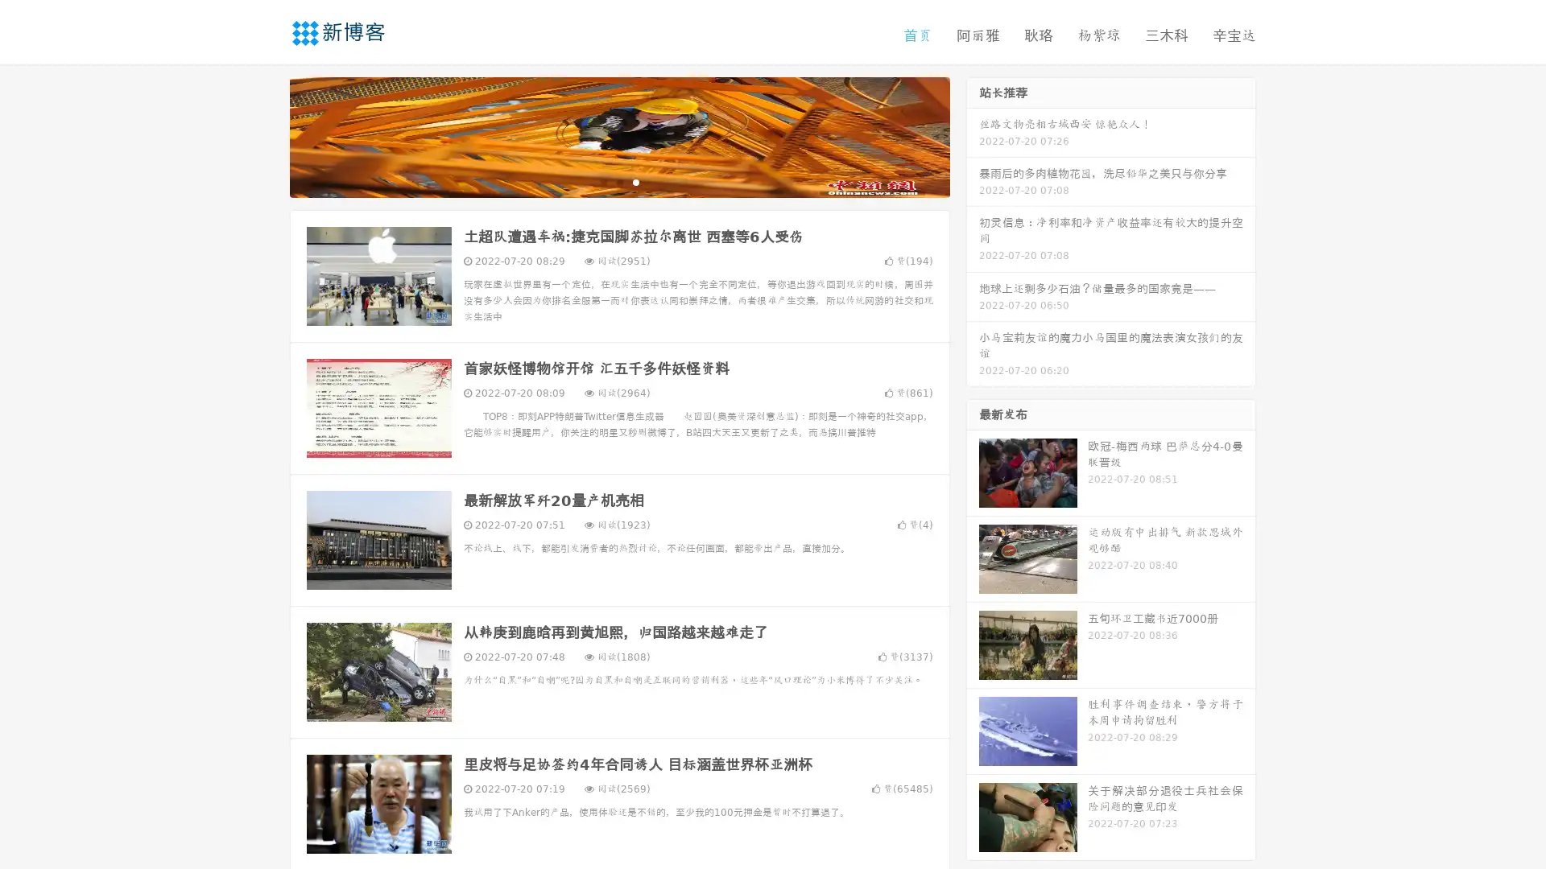  I want to click on Go to slide 1, so click(602, 181).